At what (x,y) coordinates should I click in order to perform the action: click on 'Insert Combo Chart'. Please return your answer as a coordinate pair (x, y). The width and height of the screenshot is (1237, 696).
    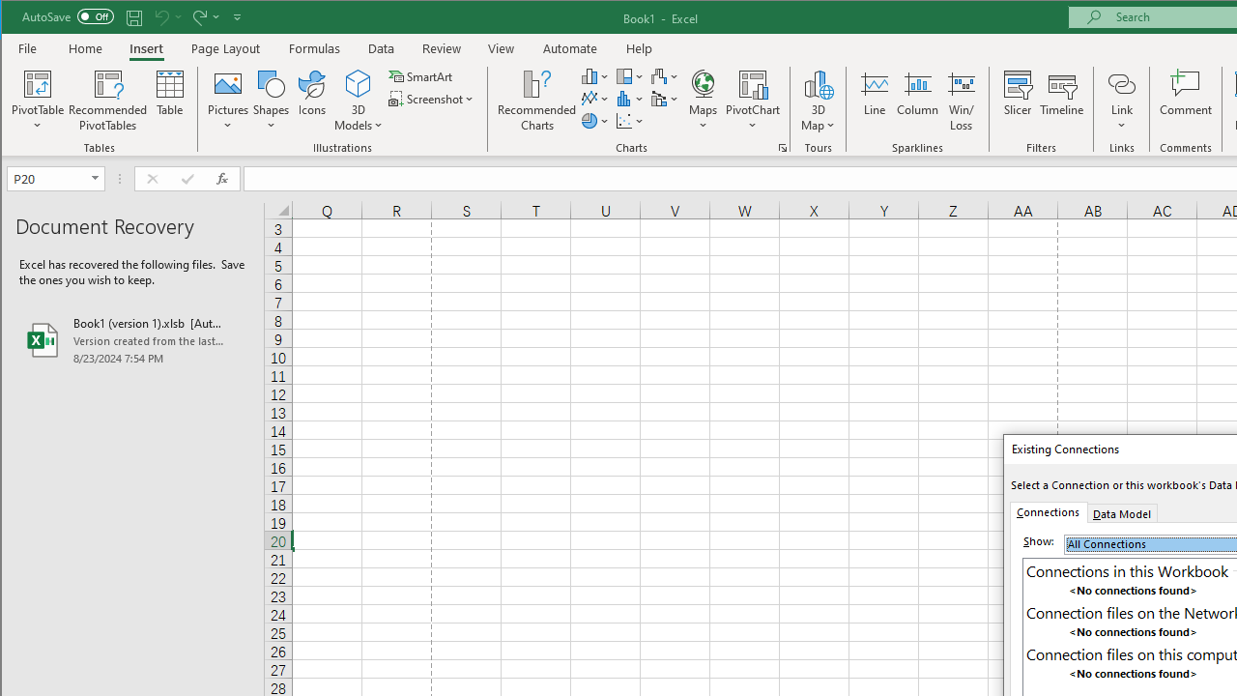
    Looking at the image, I should click on (665, 99).